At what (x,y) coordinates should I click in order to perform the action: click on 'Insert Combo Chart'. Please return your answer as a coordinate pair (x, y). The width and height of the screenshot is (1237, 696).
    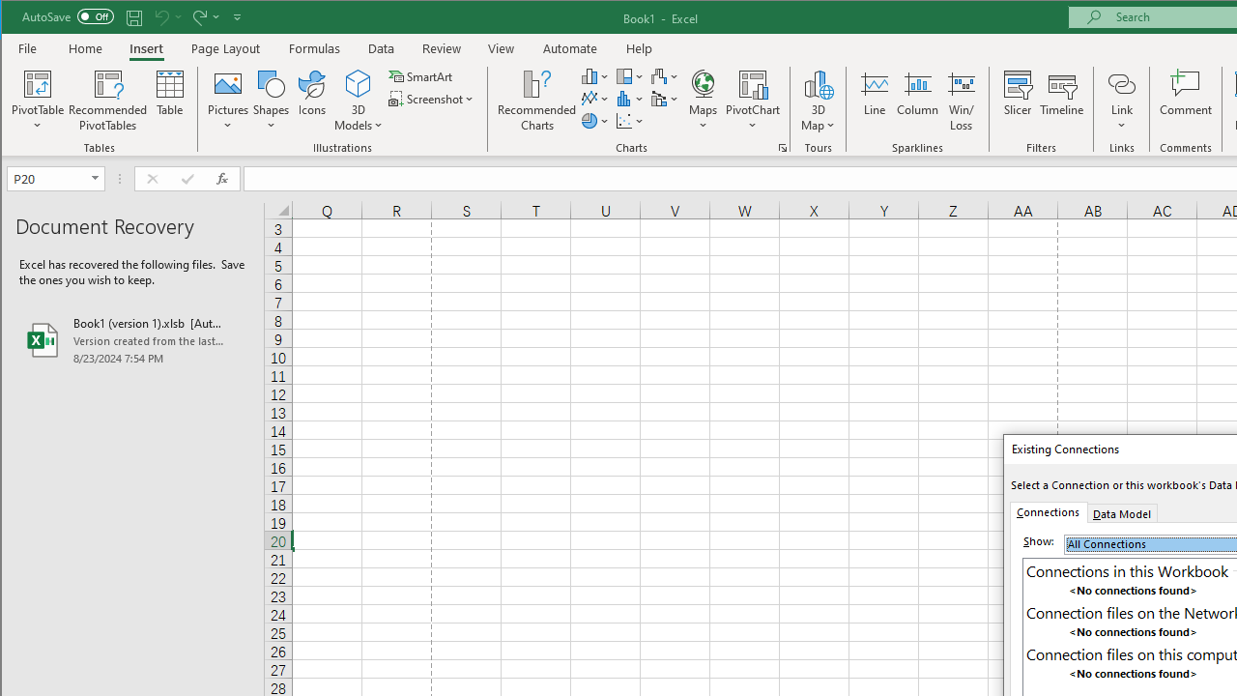
    Looking at the image, I should click on (665, 99).